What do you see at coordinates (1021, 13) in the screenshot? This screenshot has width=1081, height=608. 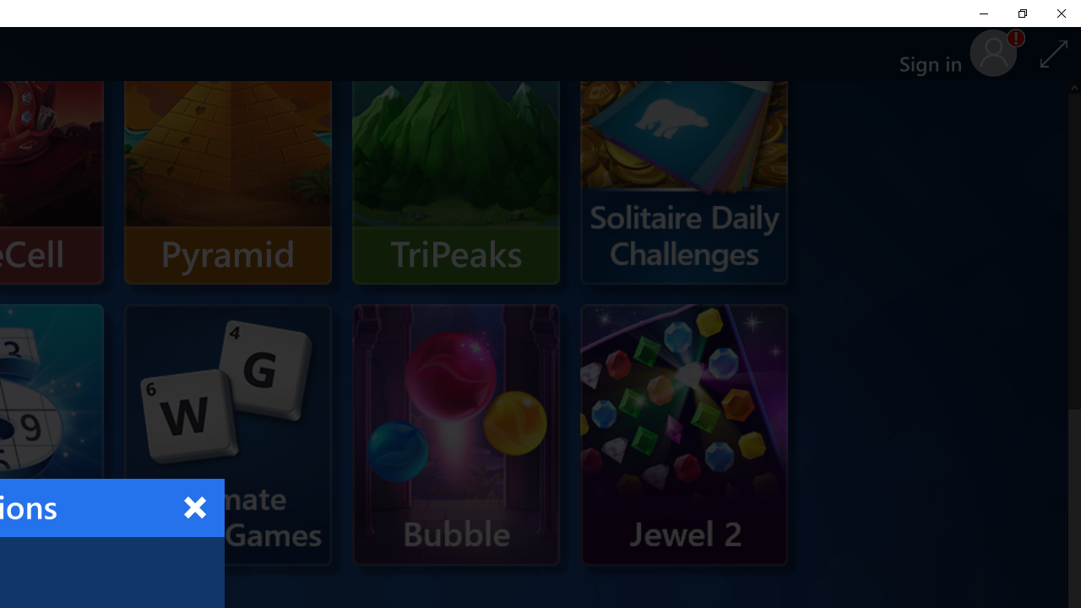 I see `'Restore Solitaire & Casual Games'` at bounding box center [1021, 13].